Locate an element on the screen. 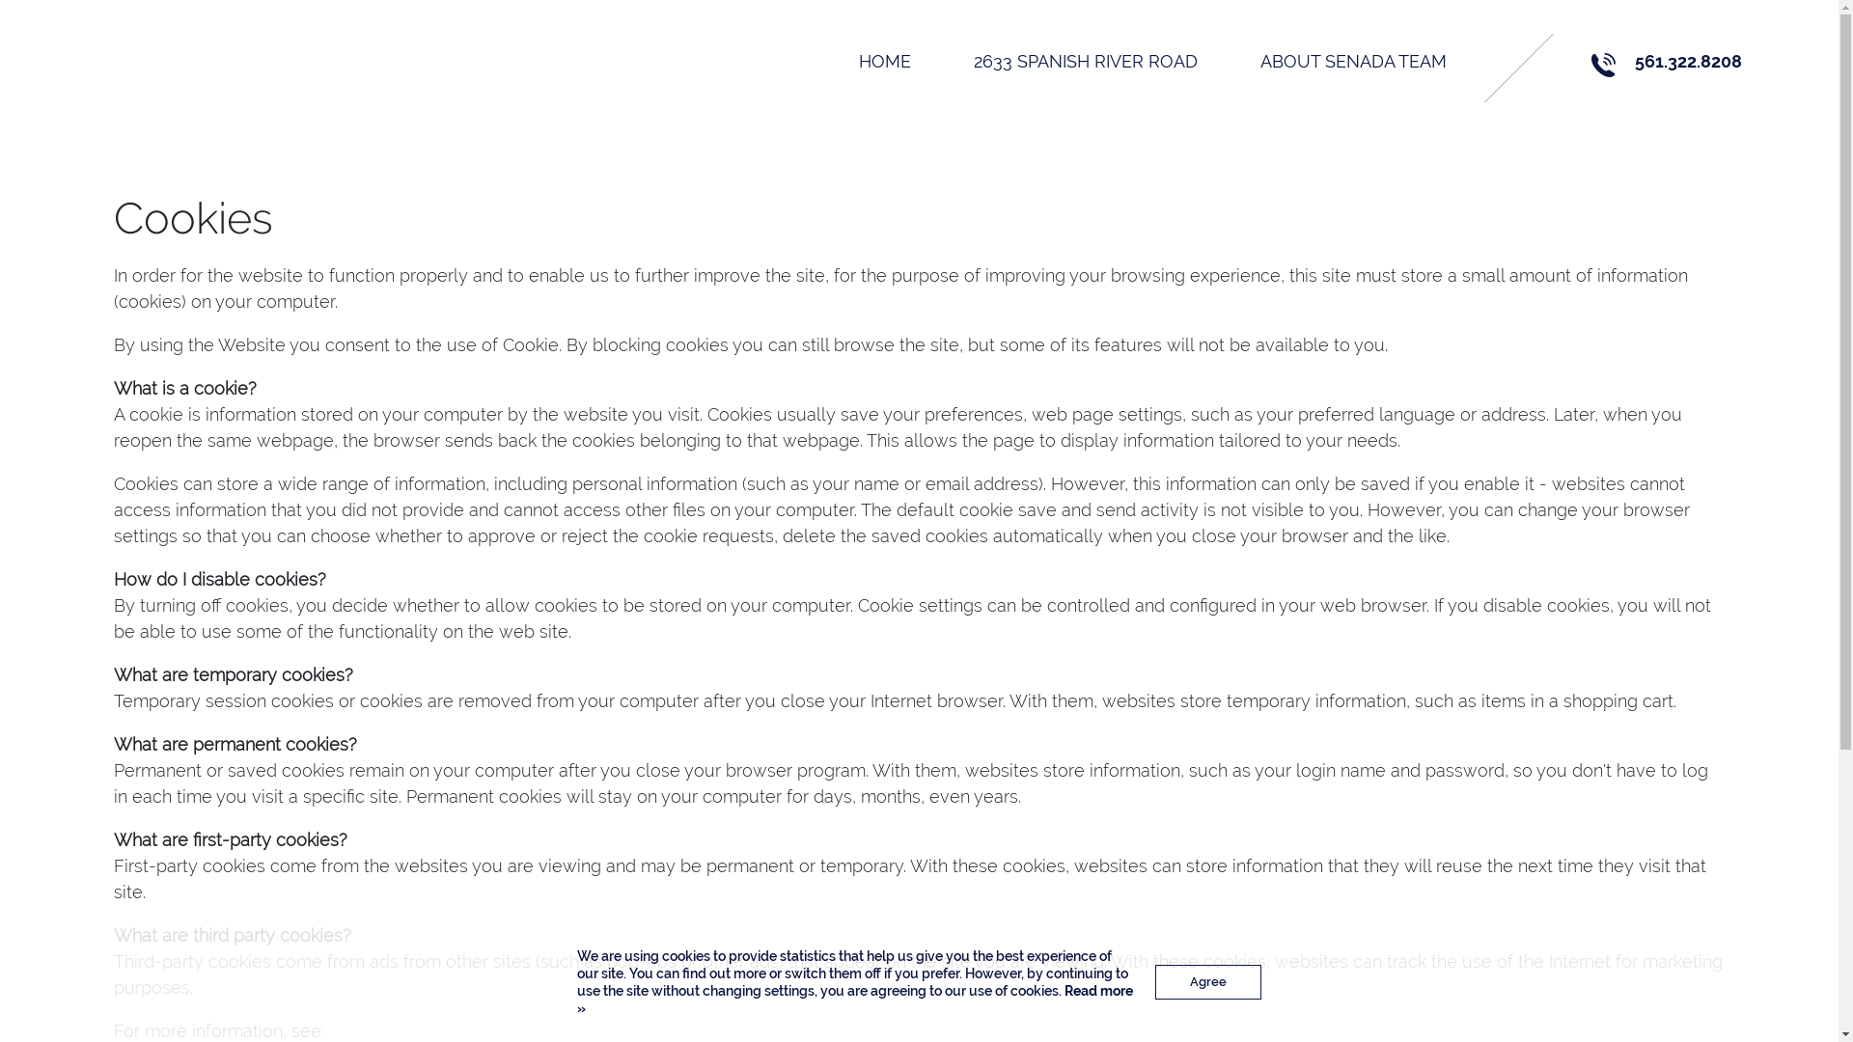 The image size is (1853, 1042). 'ABOUT SENADA TEAM' is located at coordinates (1352, 60).